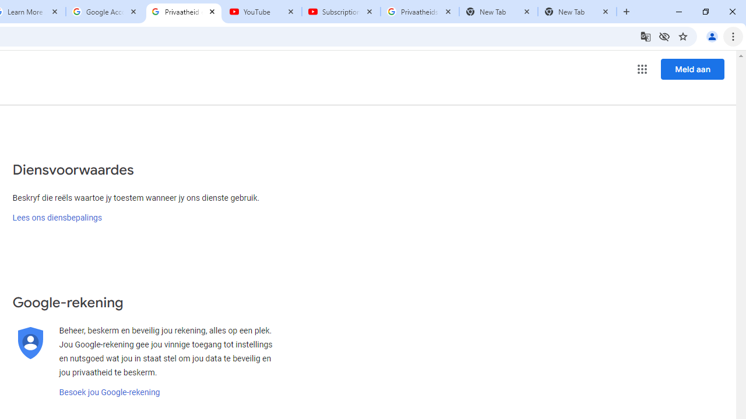 The height and width of the screenshot is (419, 746). I want to click on 'YouTube', so click(262, 12).